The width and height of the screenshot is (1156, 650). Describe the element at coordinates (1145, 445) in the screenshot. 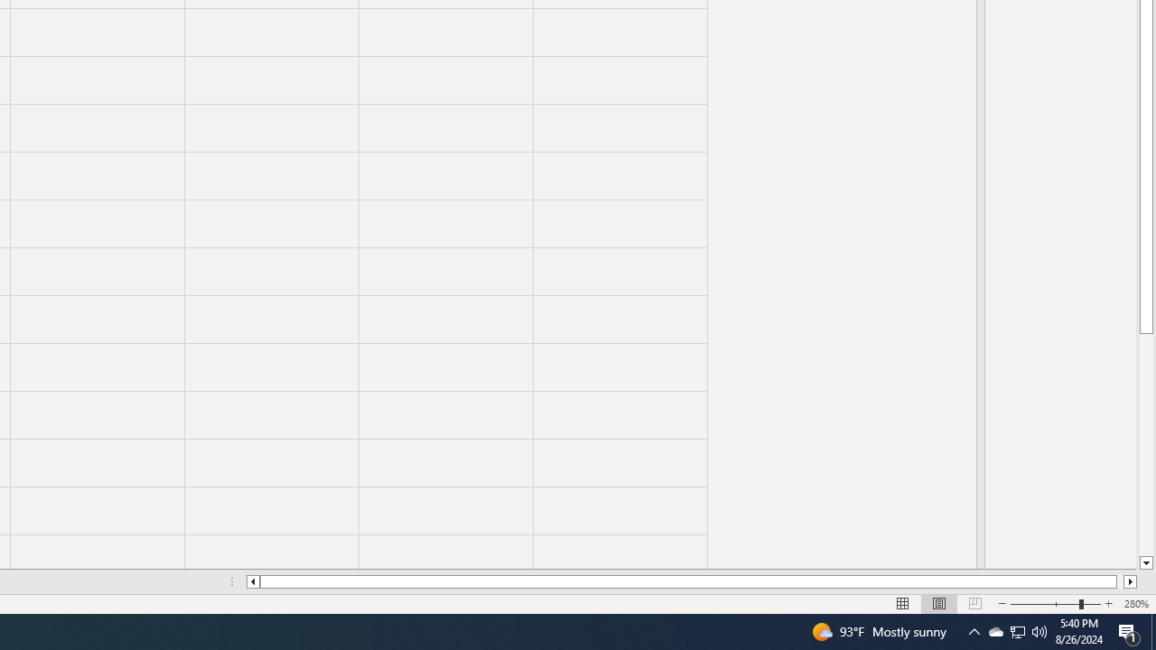

I see `'Page down'` at that location.